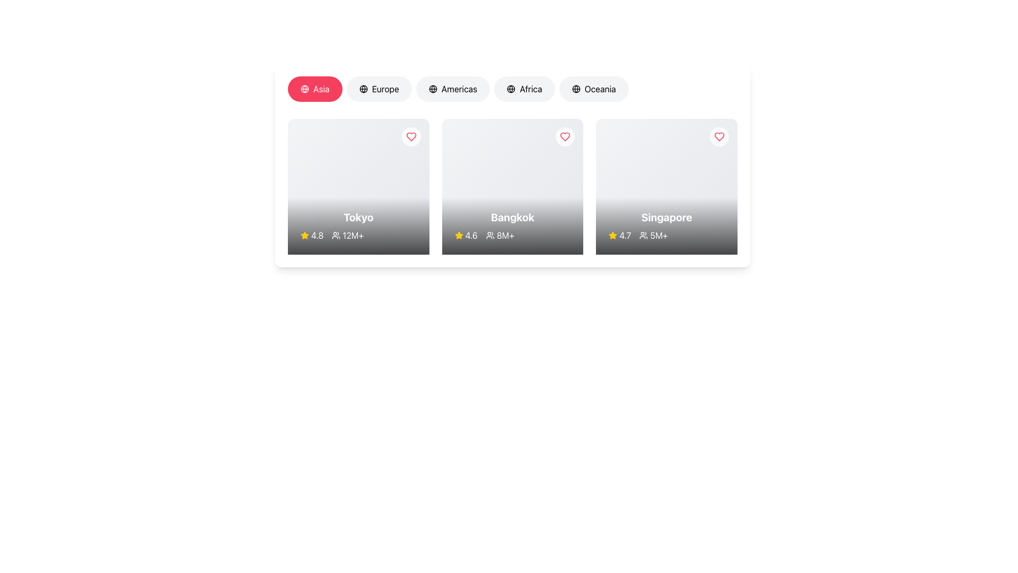 The image size is (1018, 573). What do you see at coordinates (459, 89) in the screenshot?
I see `the 'Americas' text label within the interactive button` at bounding box center [459, 89].